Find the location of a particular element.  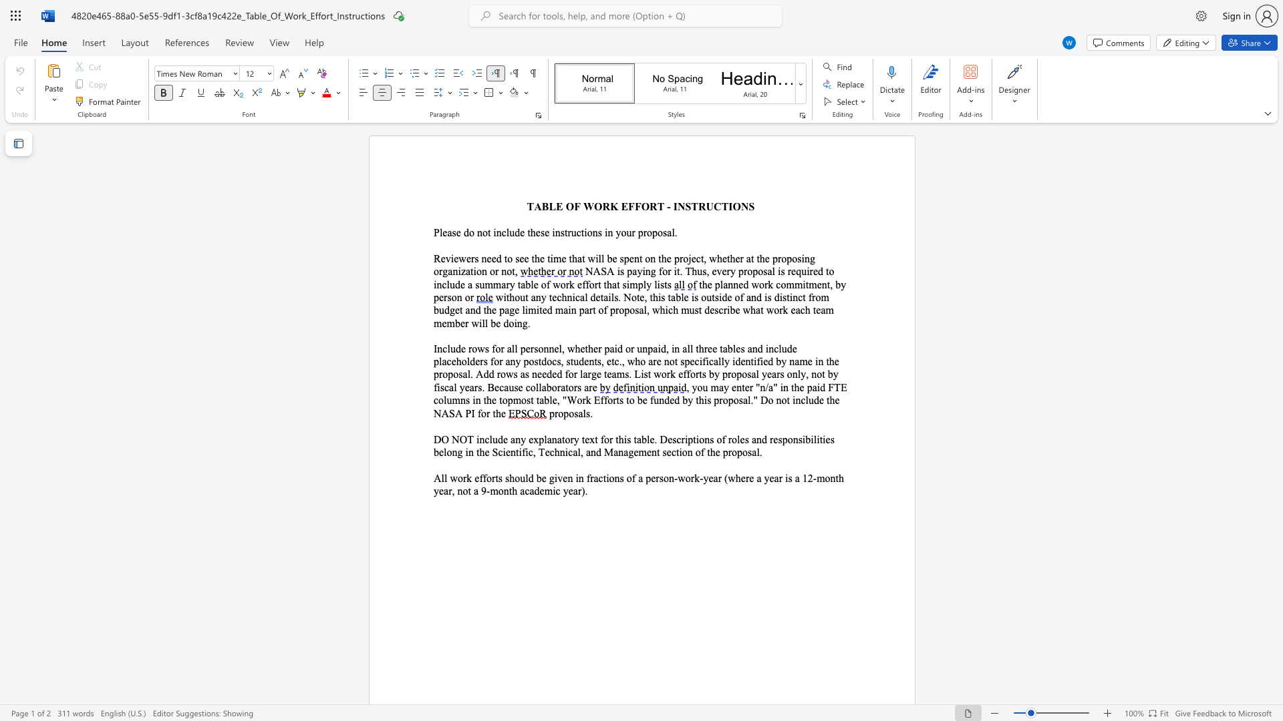

the subset text "work-year (where a year is a 12-month year, n" within the text "All work efforts should be given in fractions of a person-work-year (where a year is a 12-month year, not a 9-month academic year)." is located at coordinates (678, 477).